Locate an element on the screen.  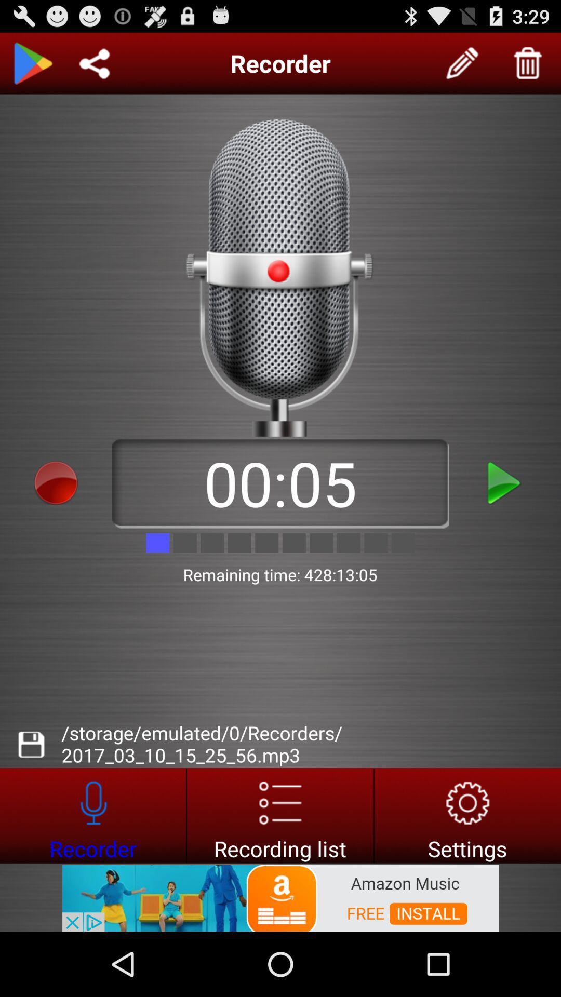
delete recording is located at coordinates (528, 63).